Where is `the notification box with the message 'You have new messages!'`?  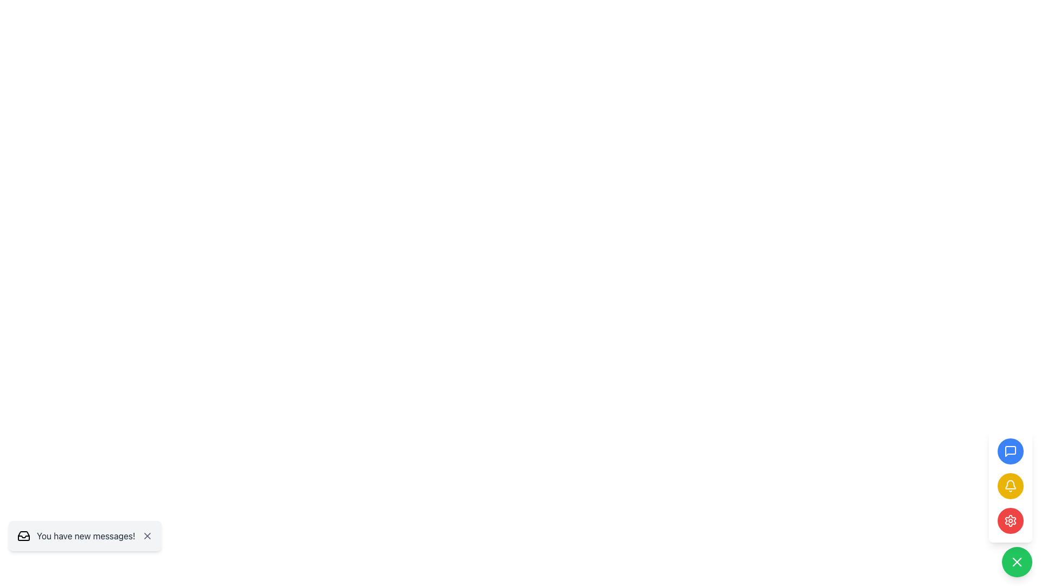 the notification box with the message 'You have new messages!' is located at coordinates (84, 535).